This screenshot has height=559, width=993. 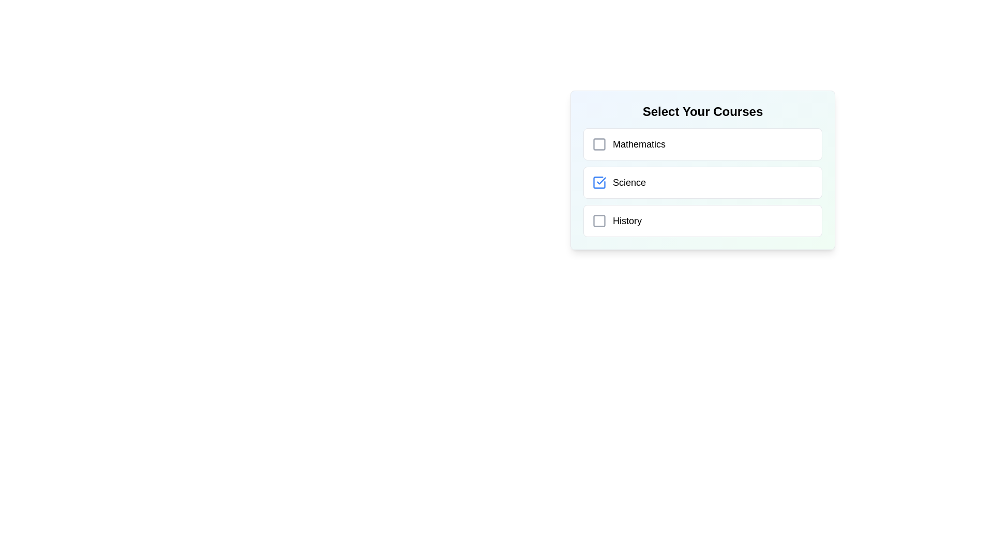 I want to click on the unselected checkbox next to the text 'Mathematics' in the 'Select Your Courses' list, so click(x=599, y=144).